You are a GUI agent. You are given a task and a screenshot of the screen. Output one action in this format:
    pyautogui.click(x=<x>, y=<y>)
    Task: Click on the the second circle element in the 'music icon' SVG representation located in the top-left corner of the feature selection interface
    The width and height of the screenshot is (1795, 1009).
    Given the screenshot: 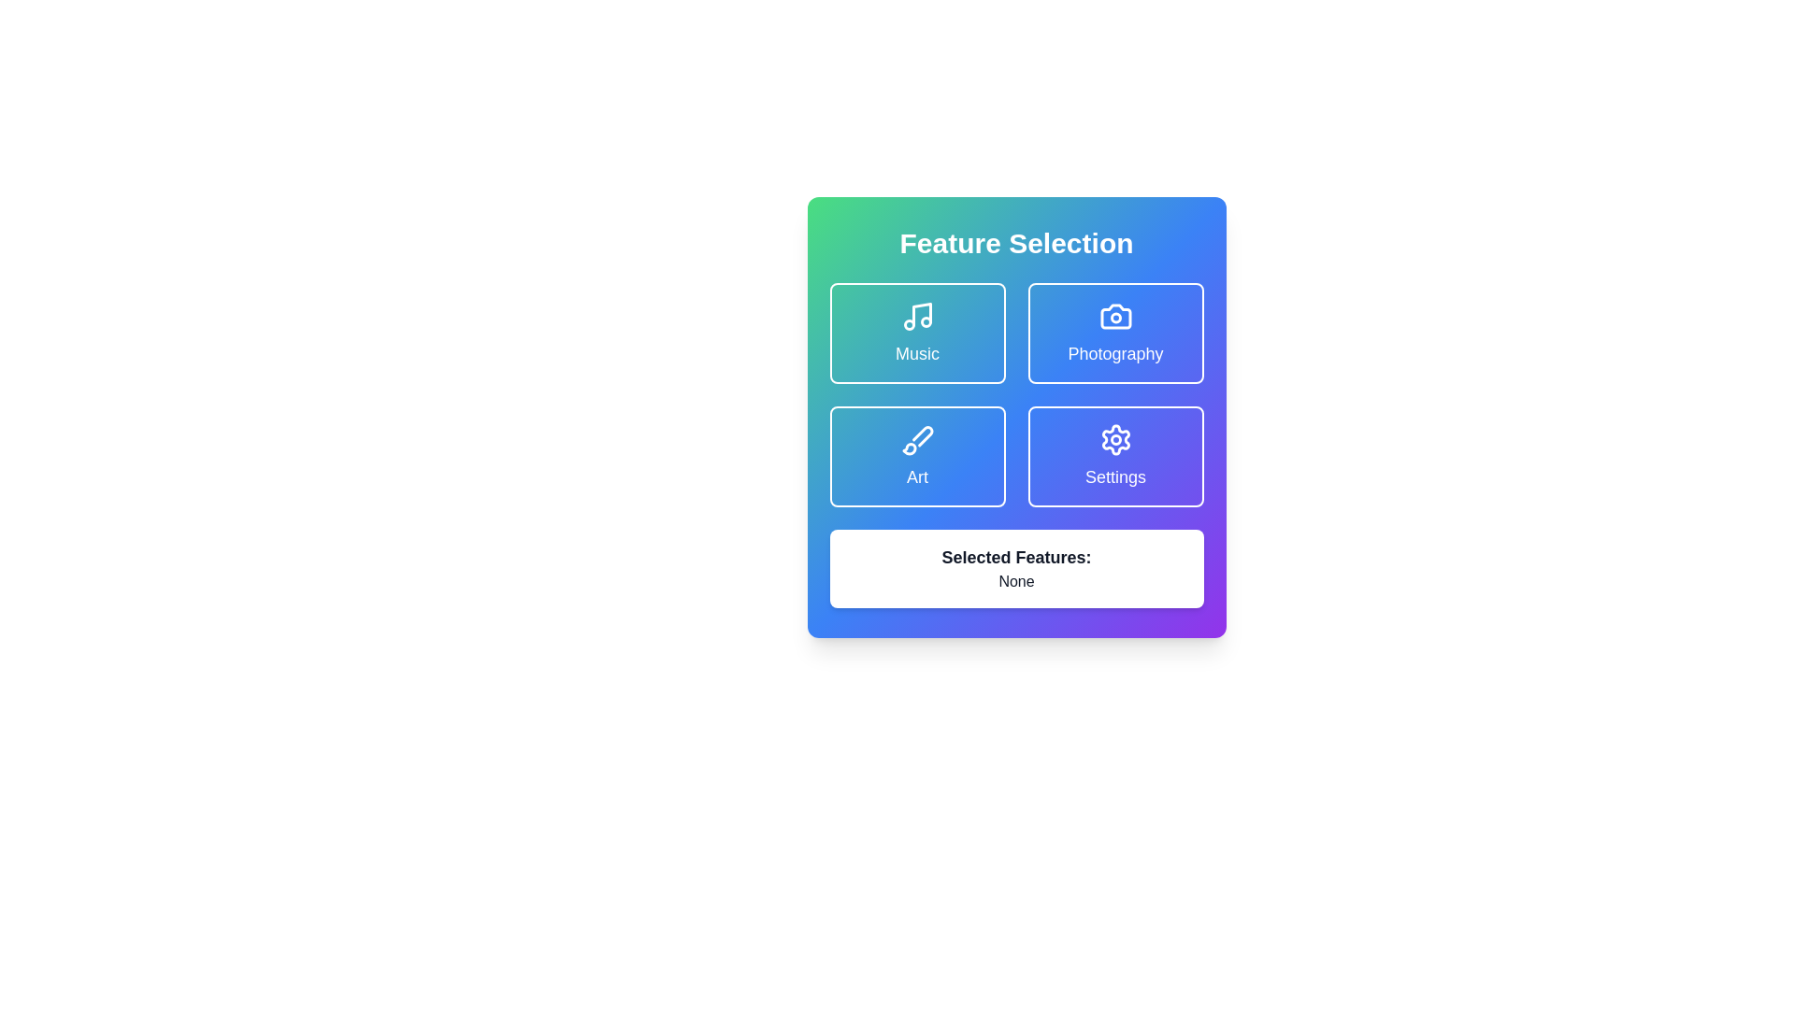 What is the action you would take?
    pyautogui.click(x=926, y=320)
    